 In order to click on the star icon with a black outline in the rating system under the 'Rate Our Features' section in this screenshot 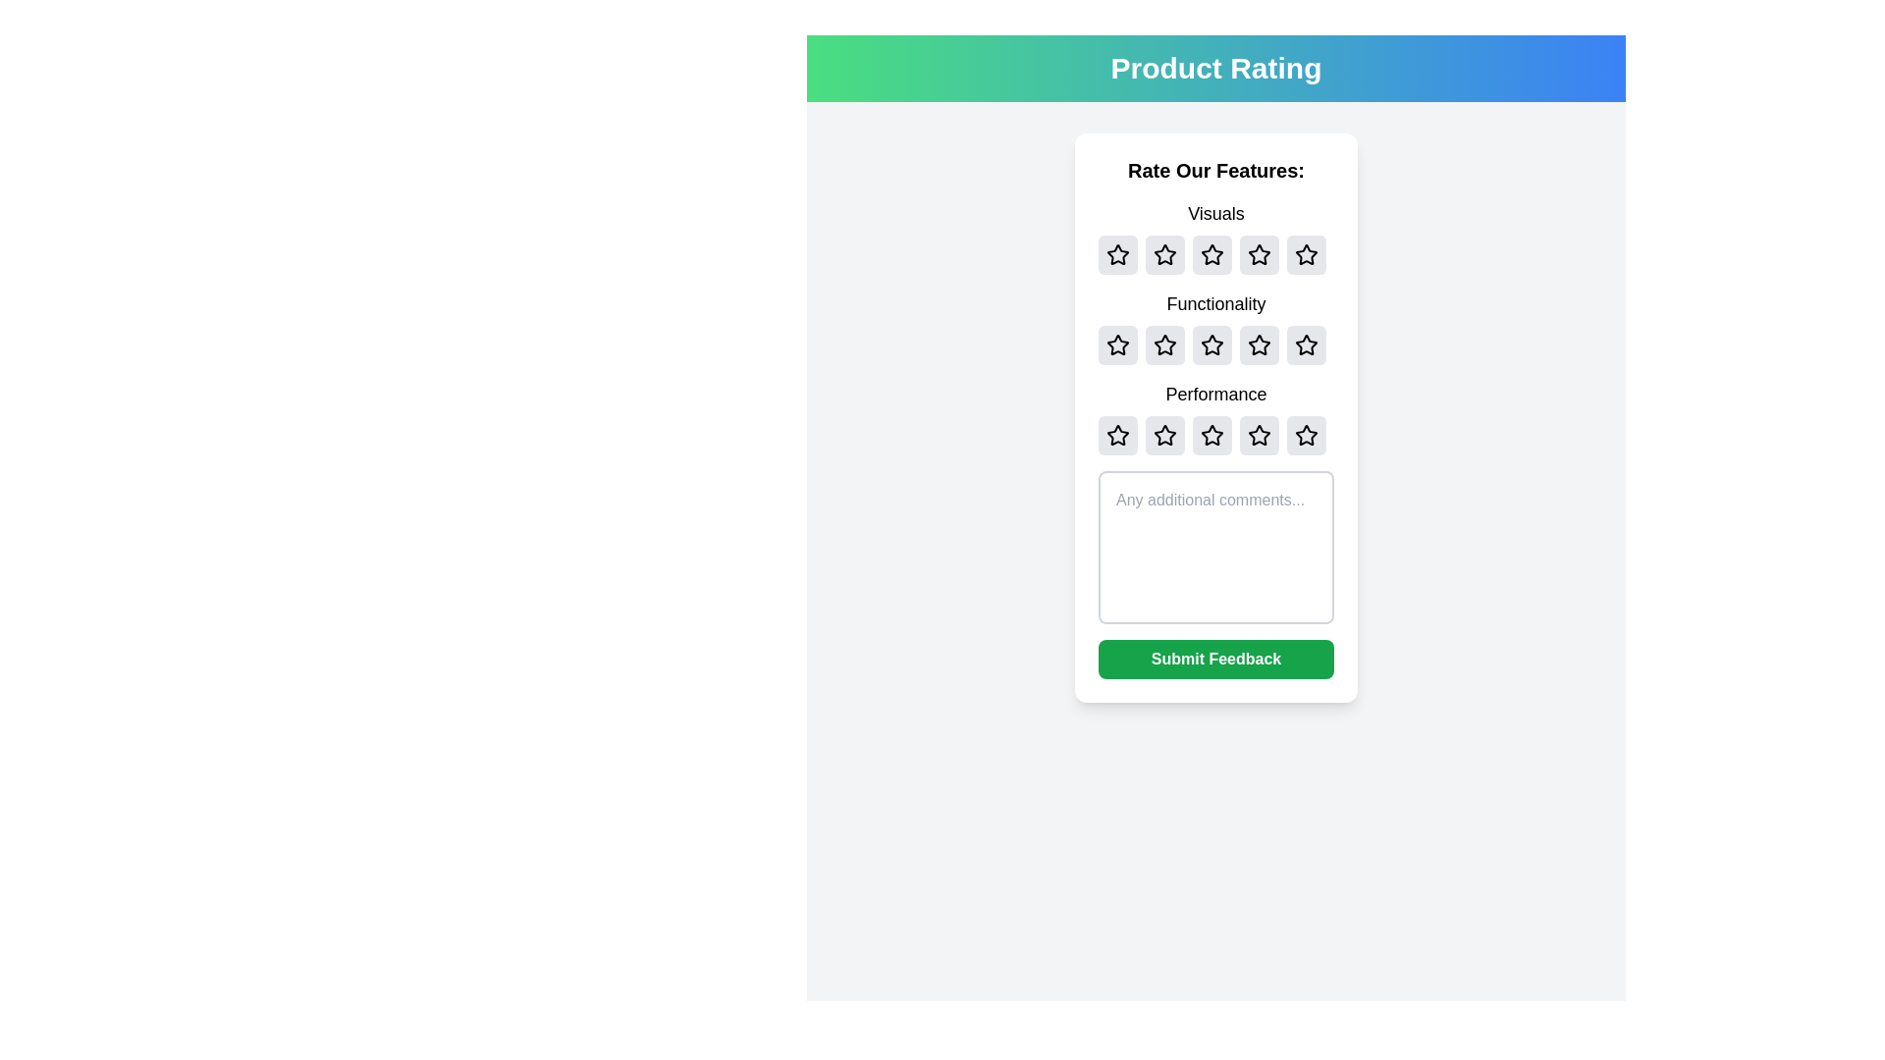, I will do `click(1259, 253)`.